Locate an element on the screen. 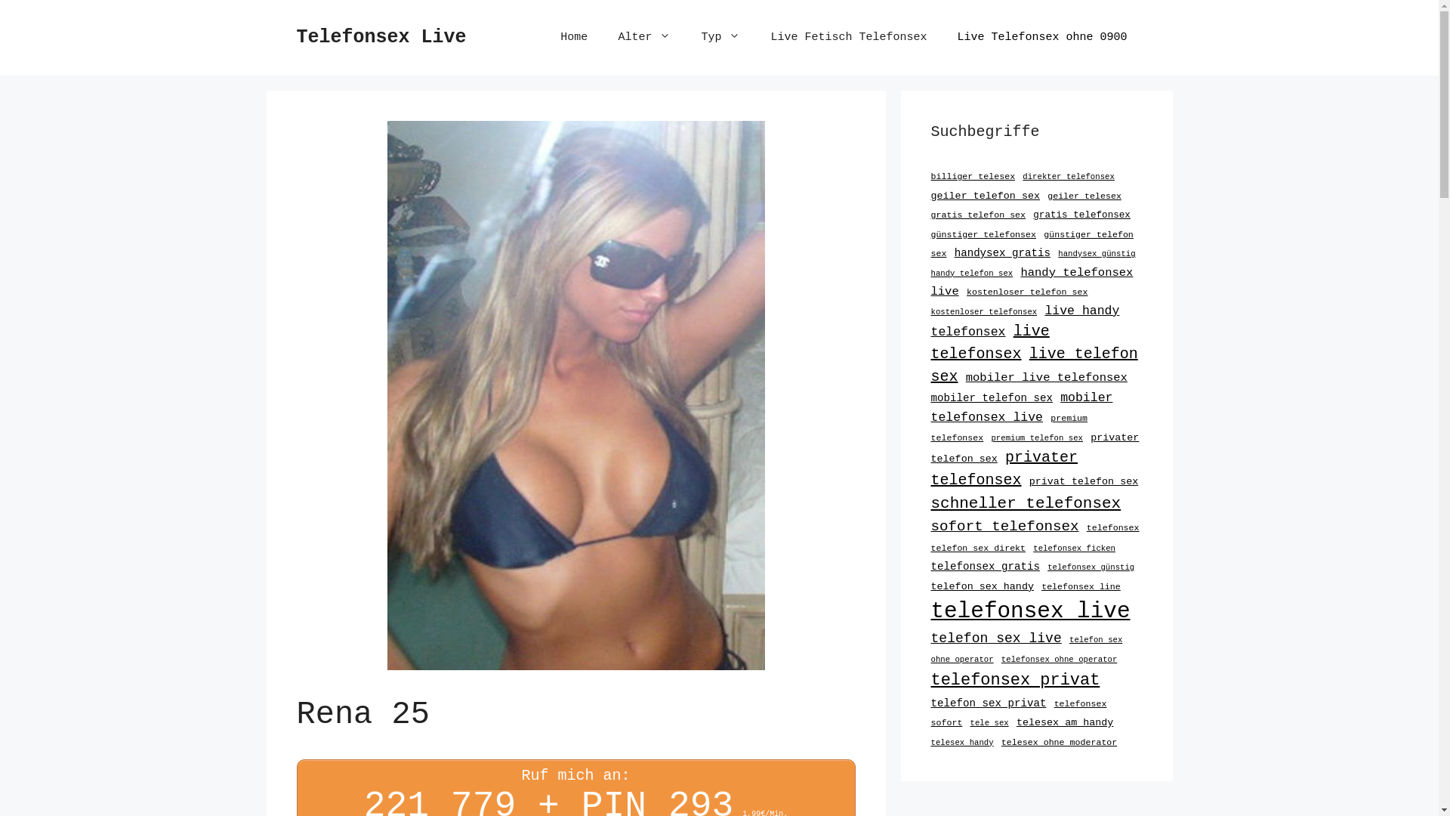  'Alter' is located at coordinates (644, 37).